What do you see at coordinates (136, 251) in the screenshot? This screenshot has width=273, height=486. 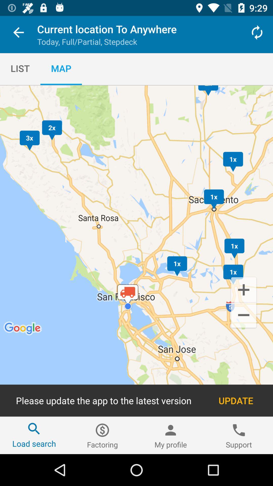 I see `the icon at the center` at bounding box center [136, 251].